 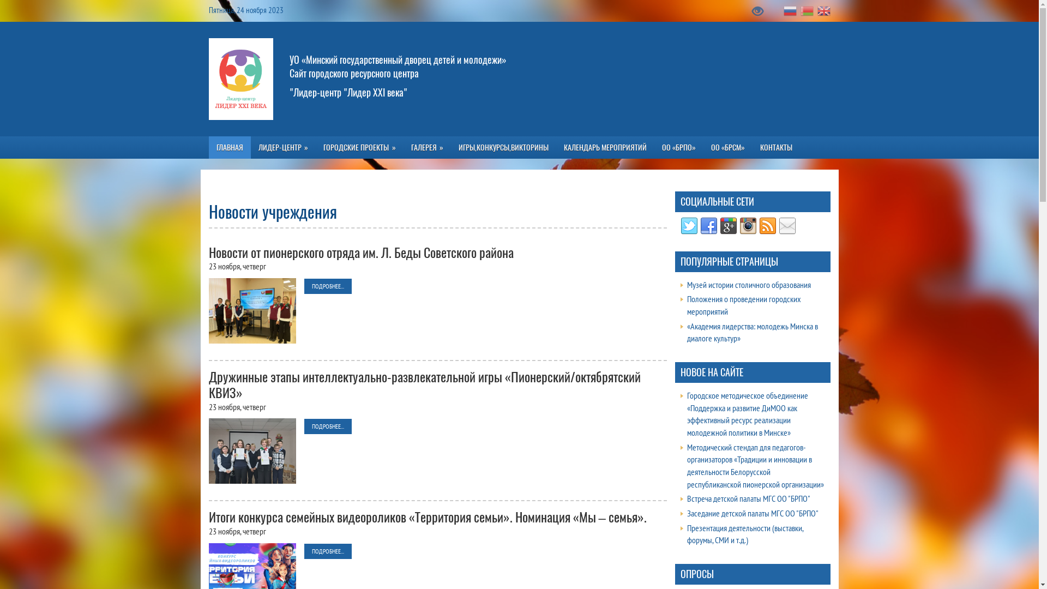 What do you see at coordinates (728, 225) in the screenshot?
I see `'Google Plus'` at bounding box center [728, 225].